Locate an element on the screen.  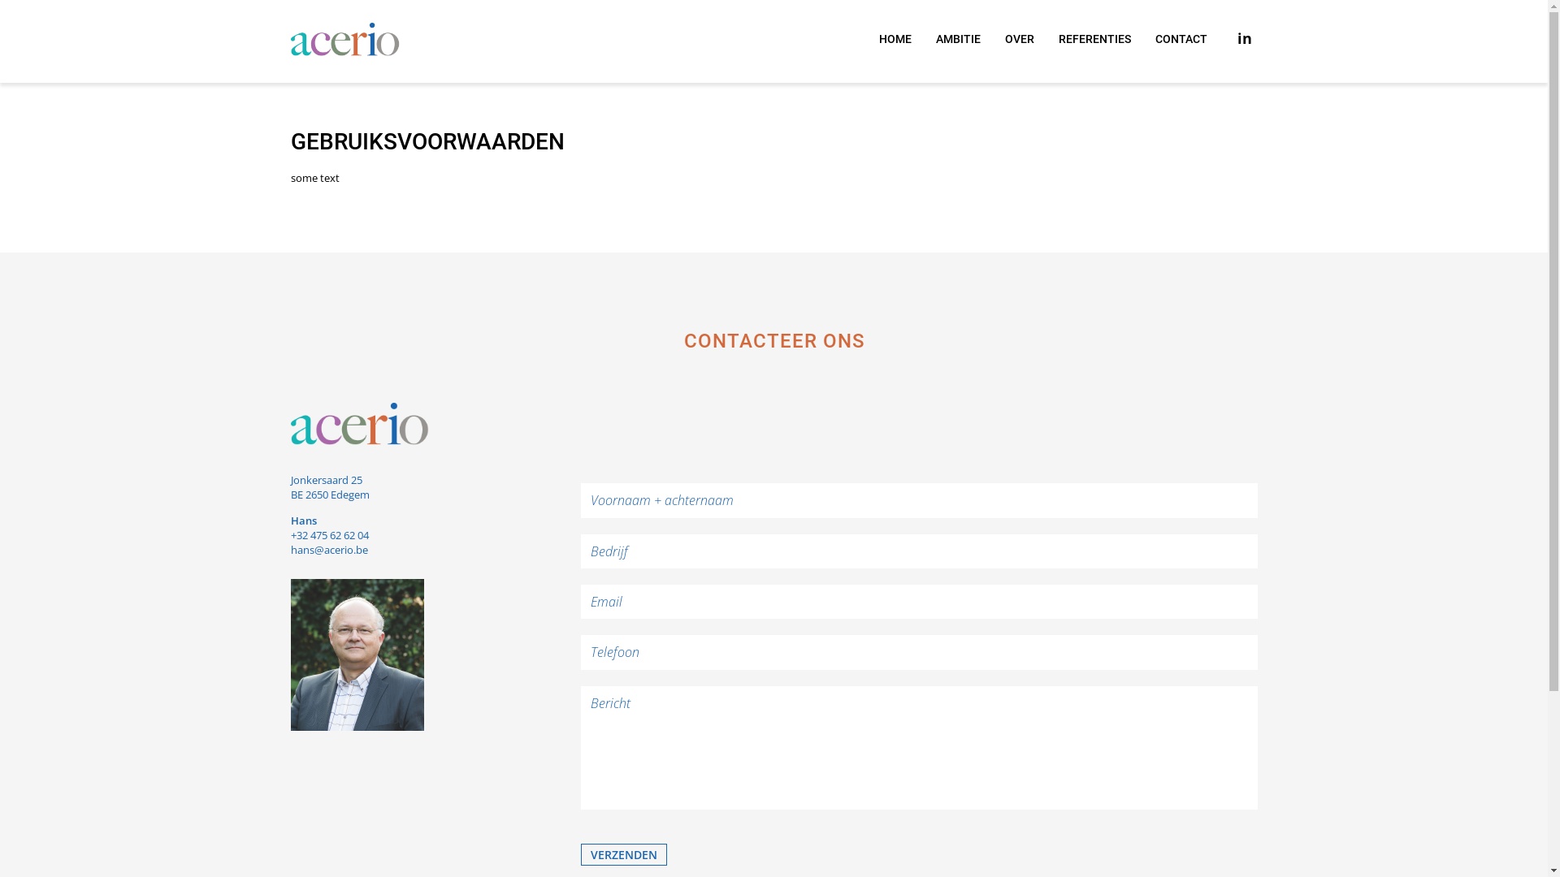
'AMBITIE' is located at coordinates (958, 39).